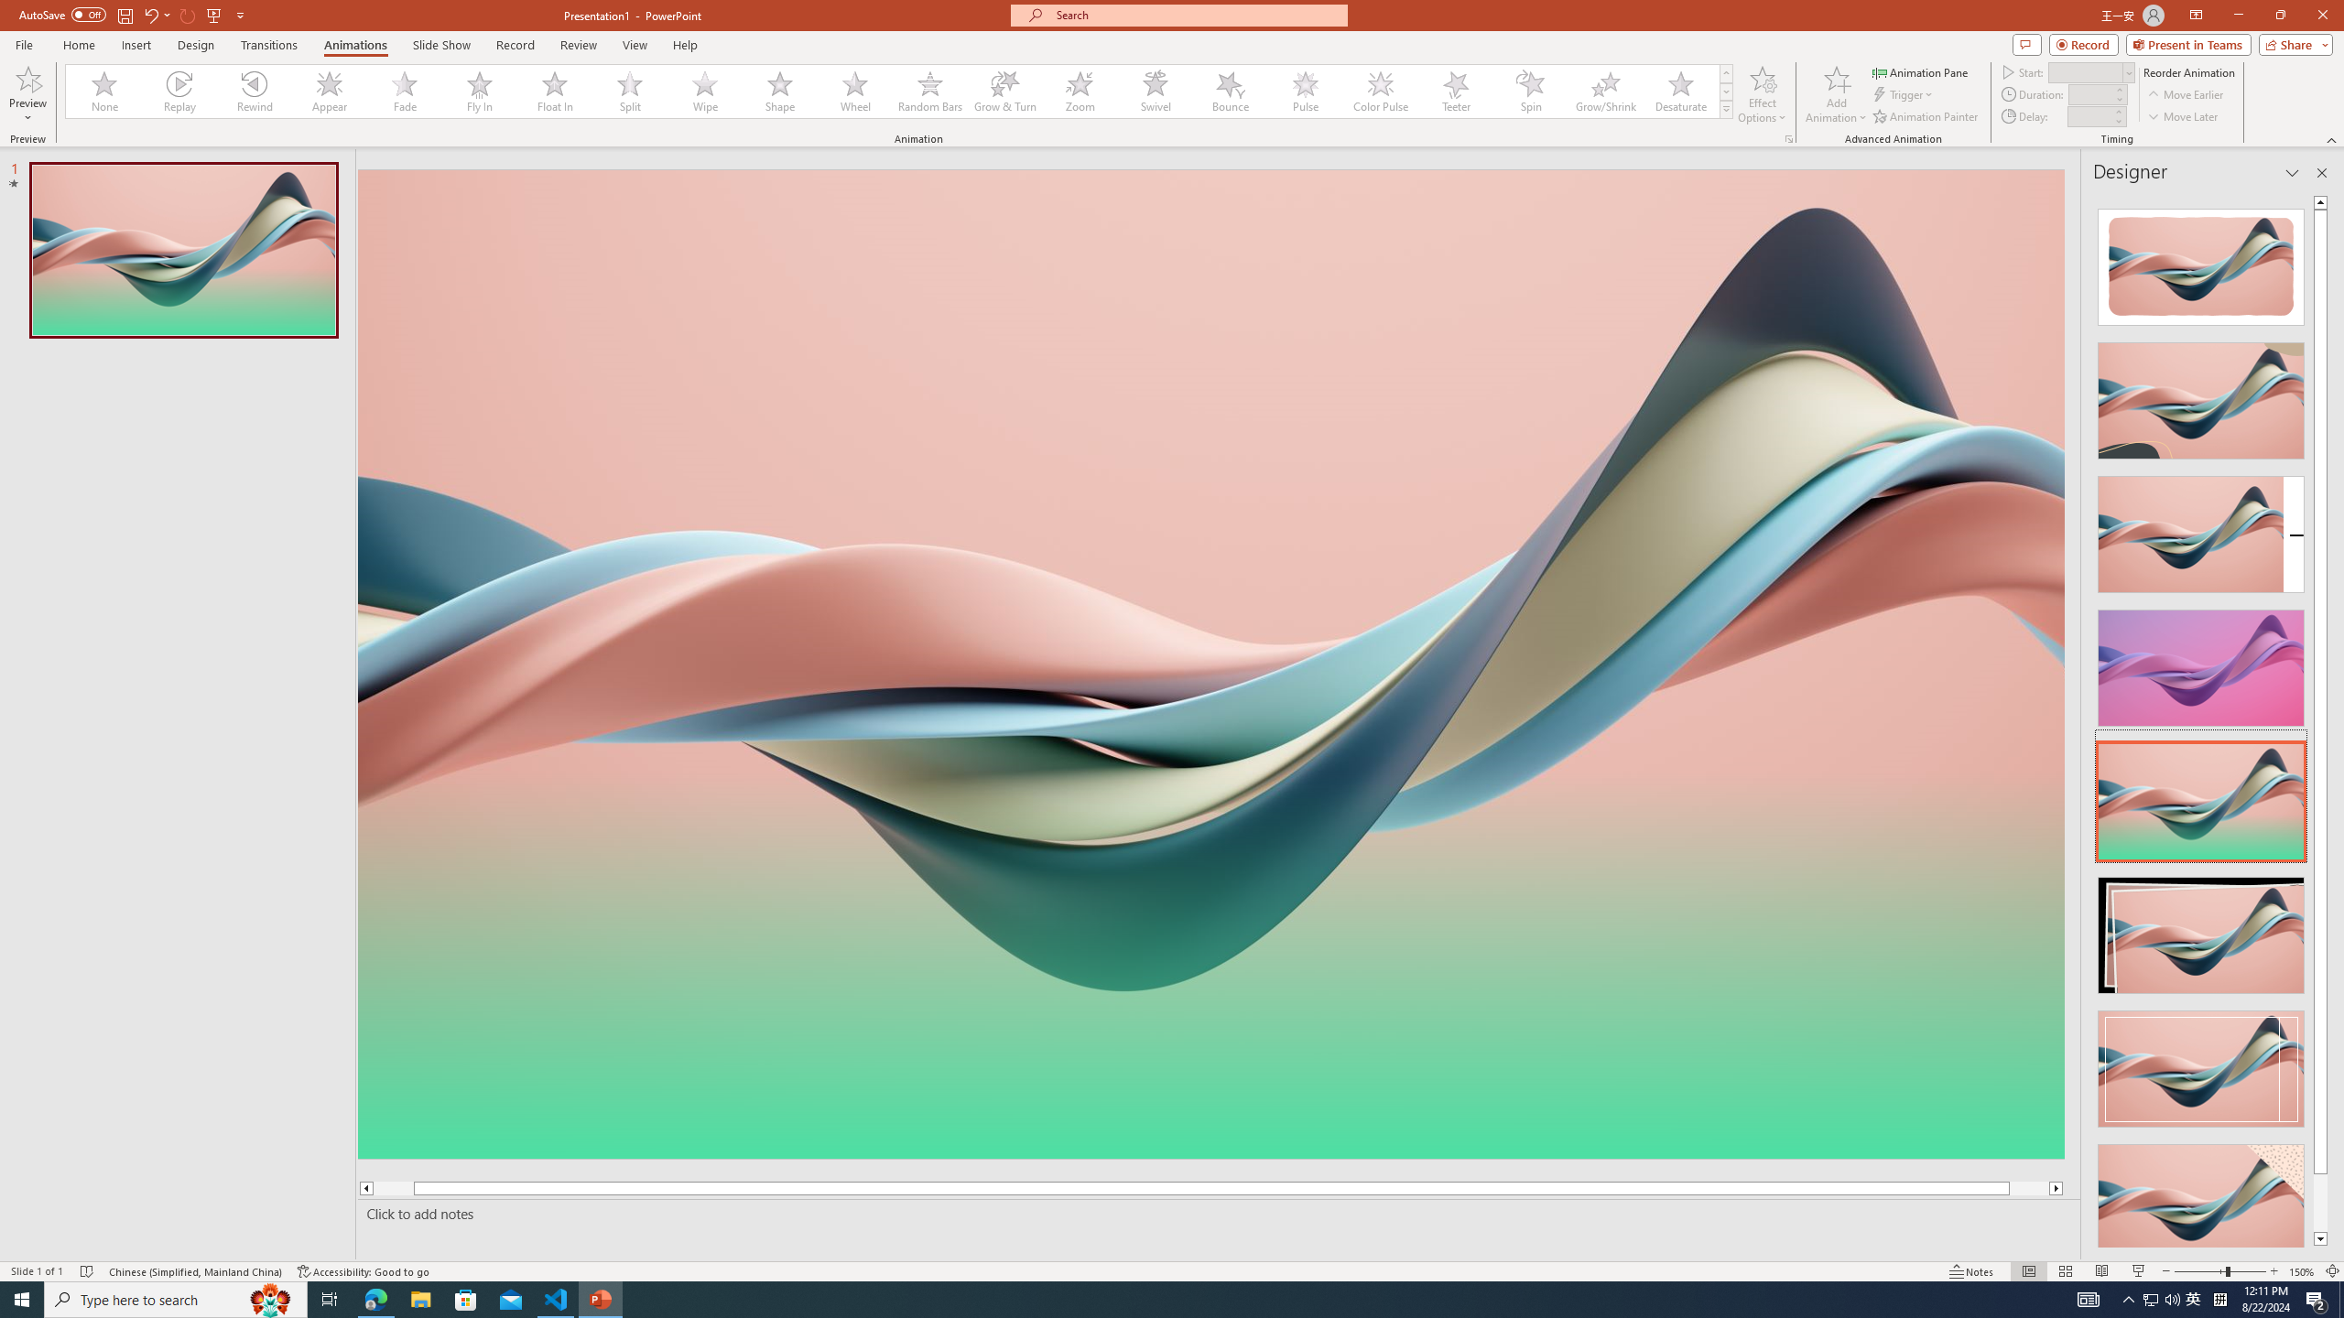  Describe the element at coordinates (2199, 260) in the screenshot. I see `'Recommended Design: Design Idea'` at that location.